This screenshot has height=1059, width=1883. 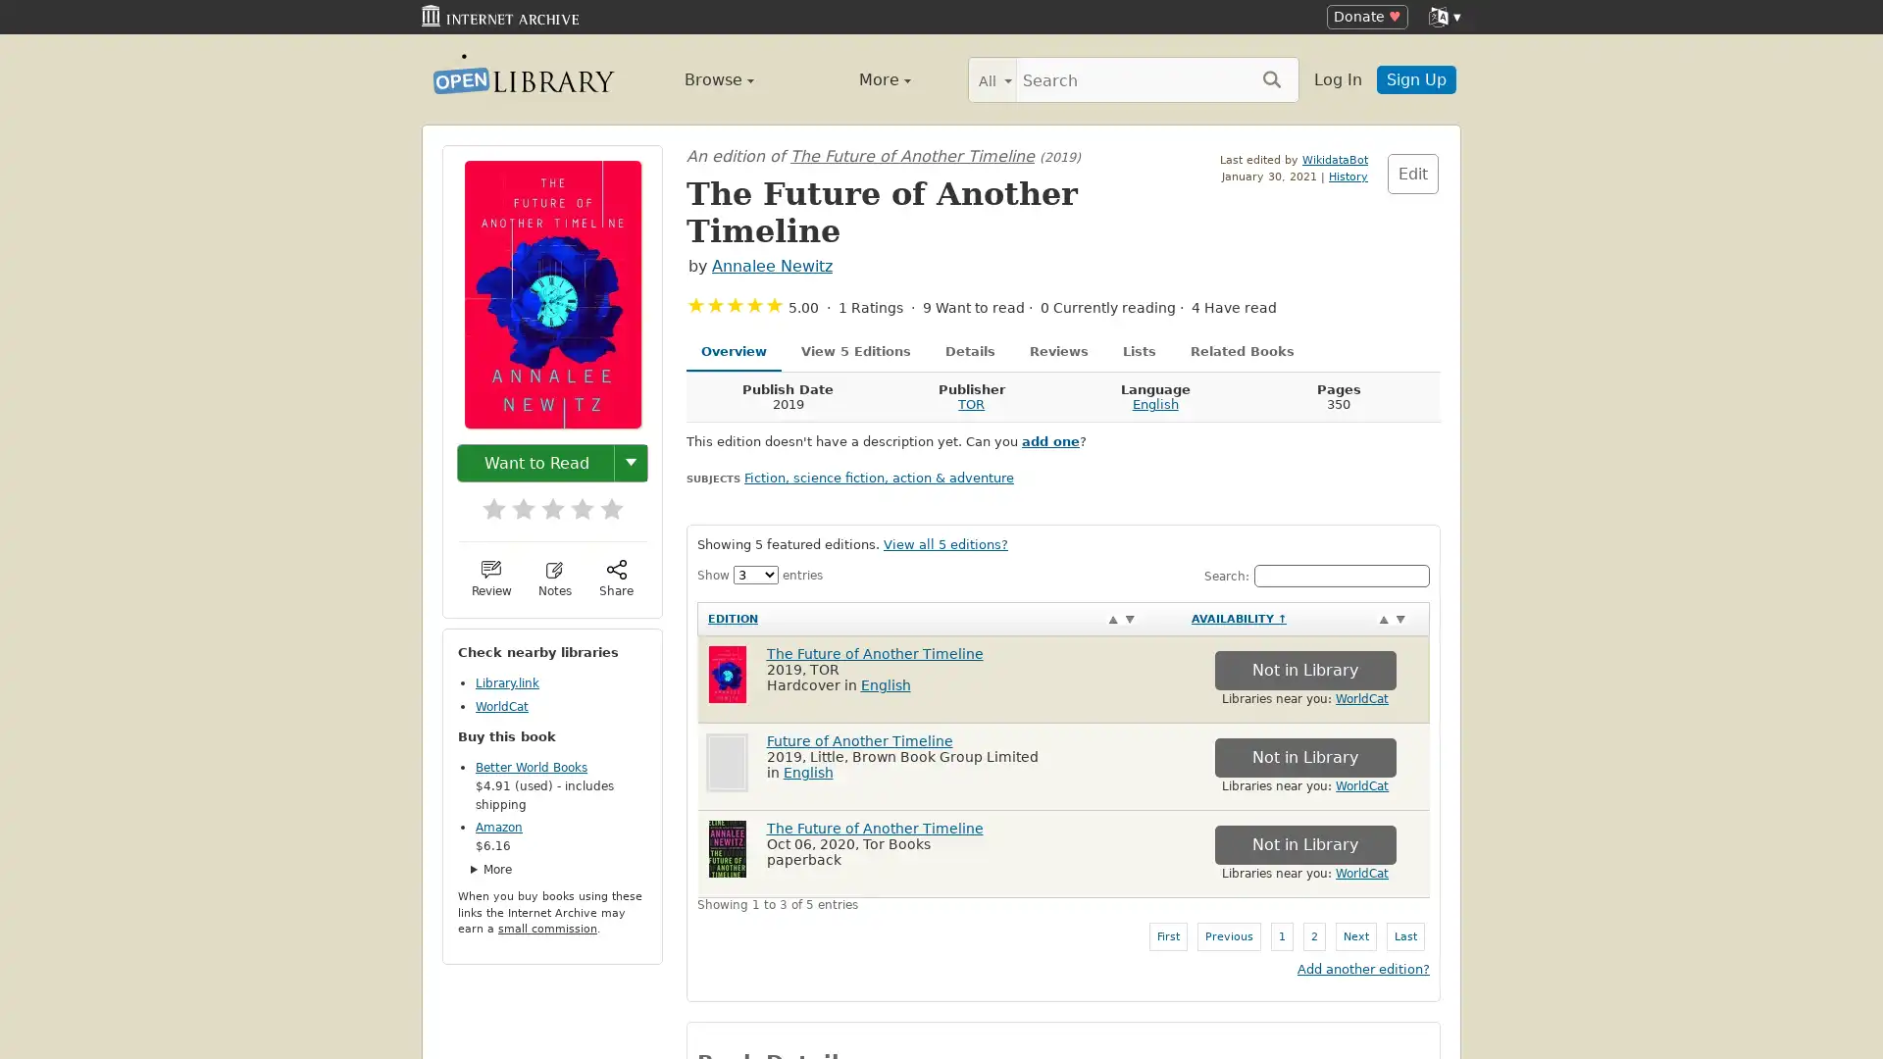 I want to click on 1, so click(x=484, y=501).